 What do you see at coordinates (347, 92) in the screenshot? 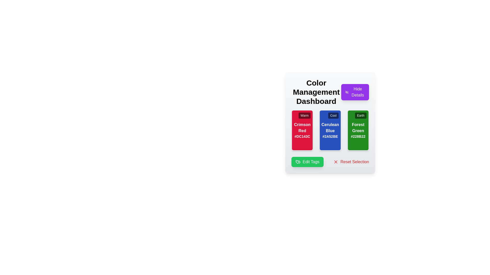
I see `the eye-style icon with a slash that symbolizes the 'hide' functionality, located to the left of the 'Hide Details' button in the Color Management Dashboard interface` at bounding box center [347, 92].